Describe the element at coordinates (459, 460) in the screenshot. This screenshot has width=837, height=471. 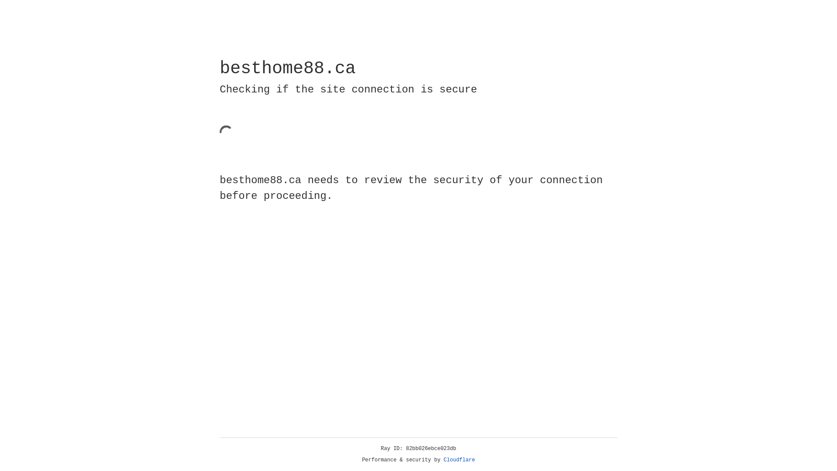
I see `'Cloudflare'` at that location.